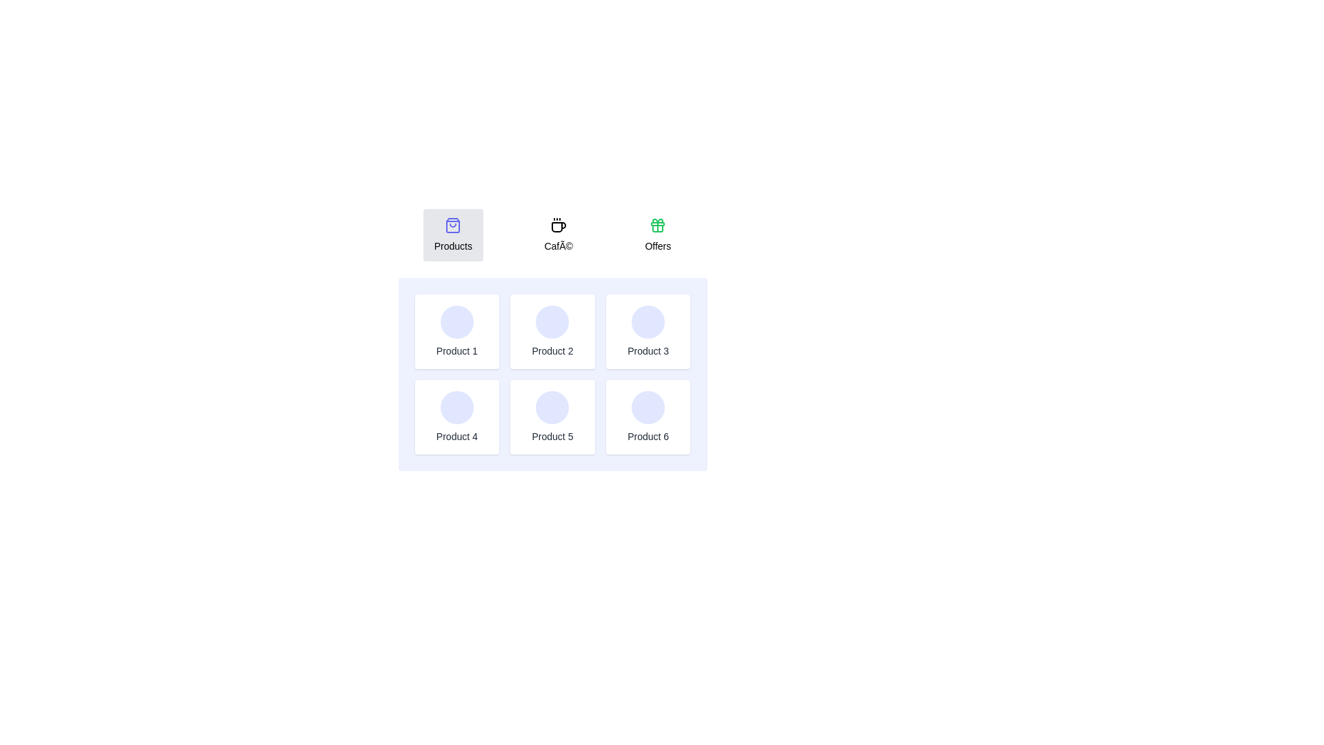 The width and height of the screenshot is (1324, 745). What do you see at coordinates (453, 234) in the screenshot?
I see `the tab labeled Products` at bounding box center [453, 234].